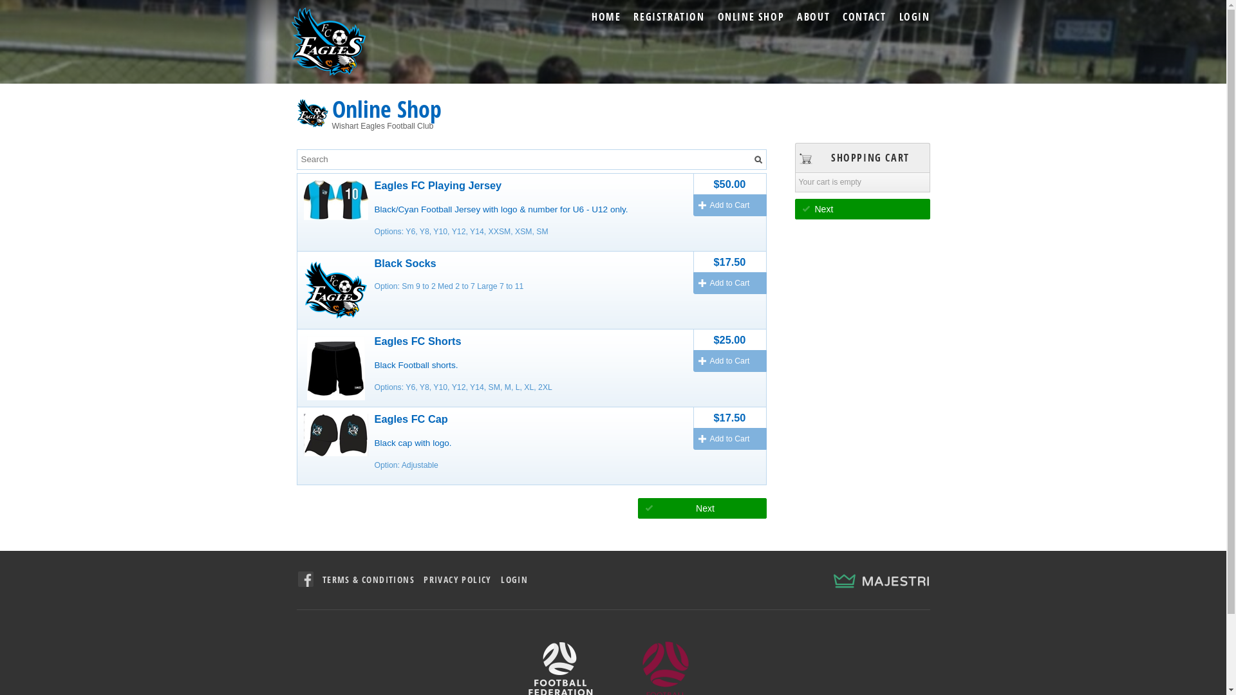  Describe the element at coordinates (864, 17) in the screenshot. I see `'CONTACT'` at that location.